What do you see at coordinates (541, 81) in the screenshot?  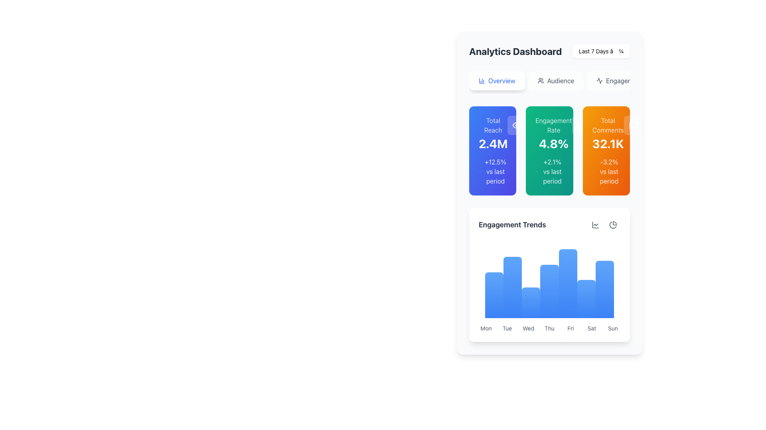 I see `the icon next to the 'Audience' label in the navigation menu` at bounding box center [541, 81].